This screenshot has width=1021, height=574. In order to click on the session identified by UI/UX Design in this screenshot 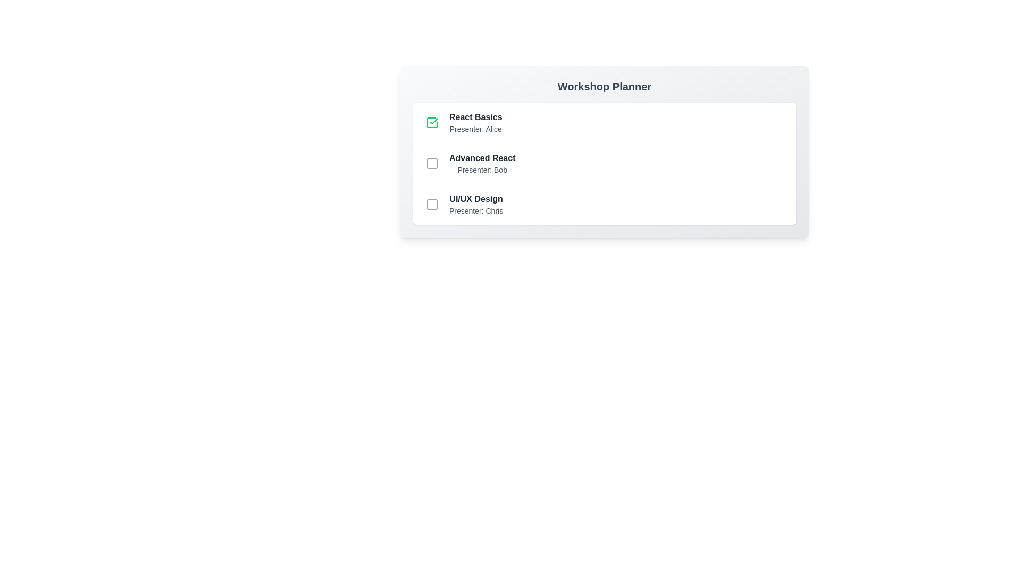, I will do `click(432, 205)`.